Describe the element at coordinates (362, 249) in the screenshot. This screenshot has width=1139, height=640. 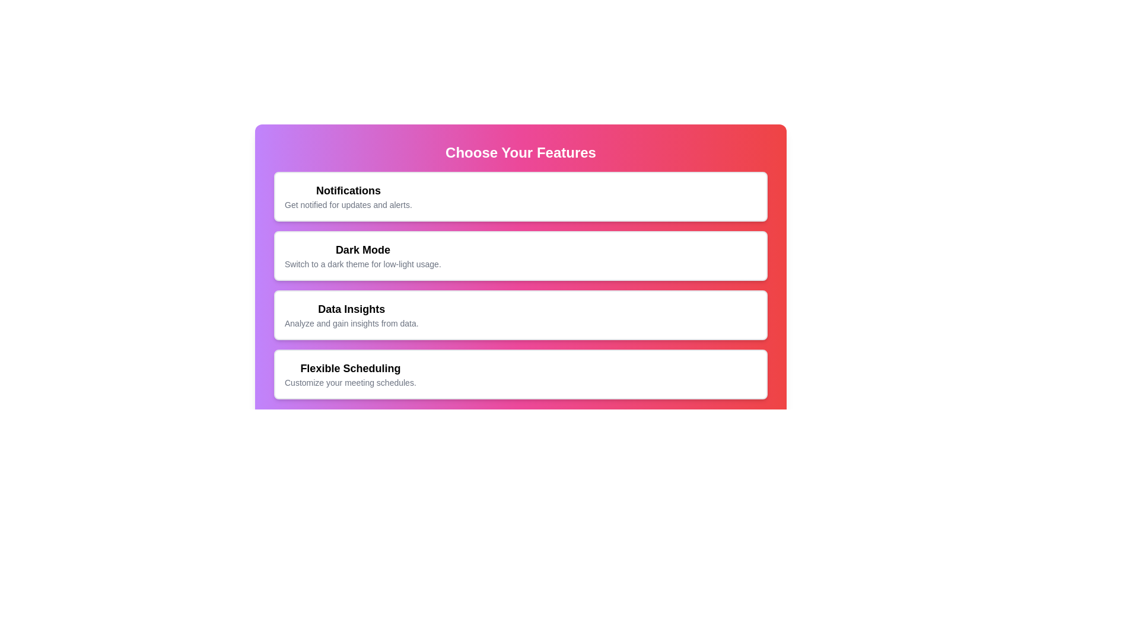
I see `the 'Dark Mode' text label, which is the main heading of its section and prominently displayed in a bold, large font, located above the description line in the second white rectangular feature section` at that location.